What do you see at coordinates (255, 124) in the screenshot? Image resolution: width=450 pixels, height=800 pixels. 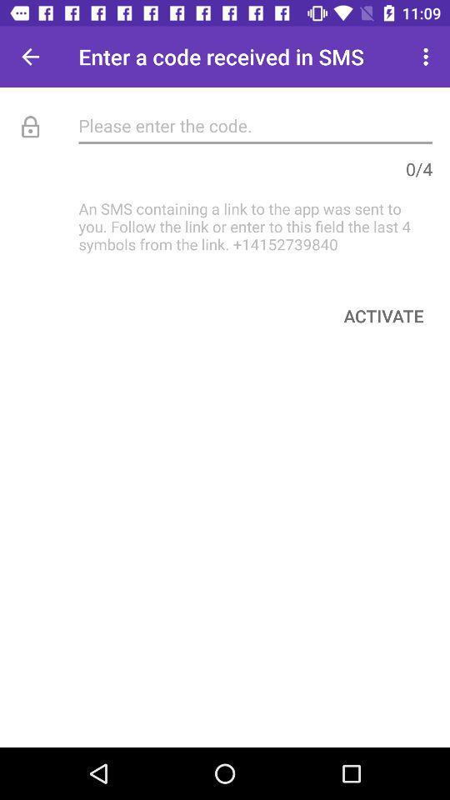 I see `confirmation code by sms` at bounding box center [255, 124].